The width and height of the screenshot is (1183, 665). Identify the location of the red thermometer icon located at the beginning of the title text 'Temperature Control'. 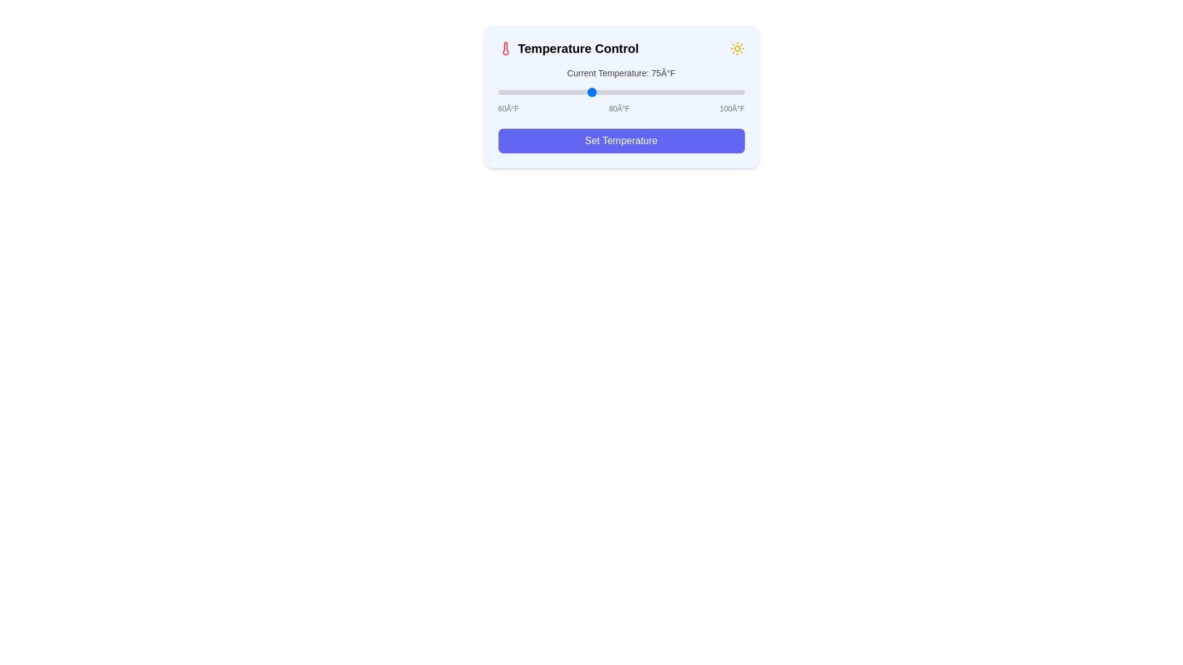
(505, 47).